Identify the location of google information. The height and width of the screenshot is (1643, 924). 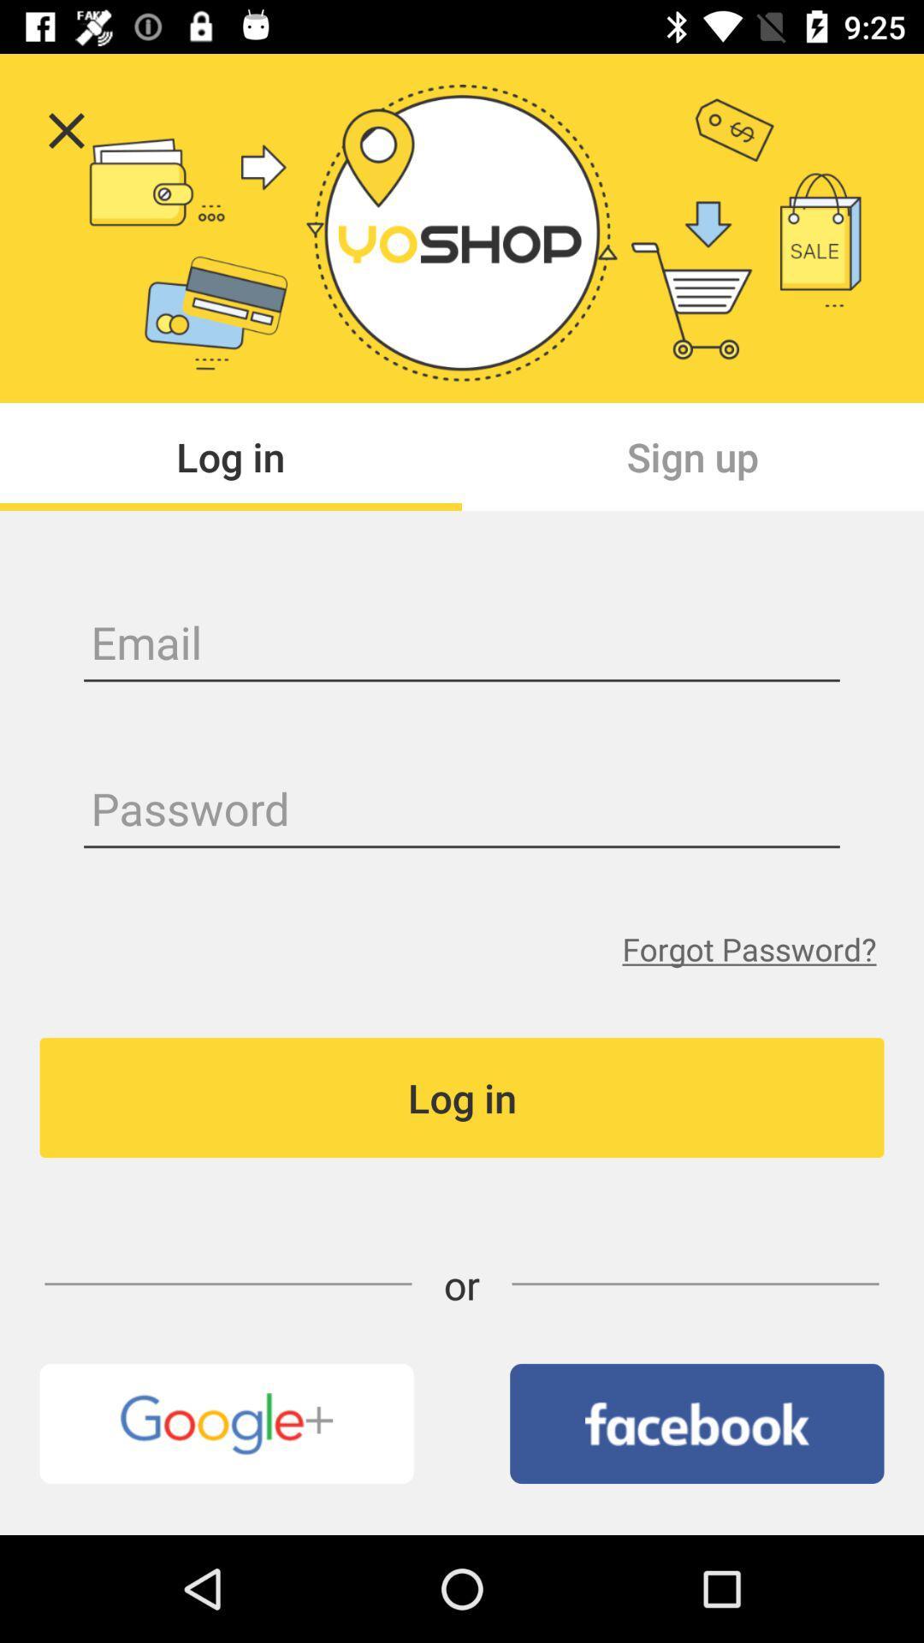
(226, 1423).